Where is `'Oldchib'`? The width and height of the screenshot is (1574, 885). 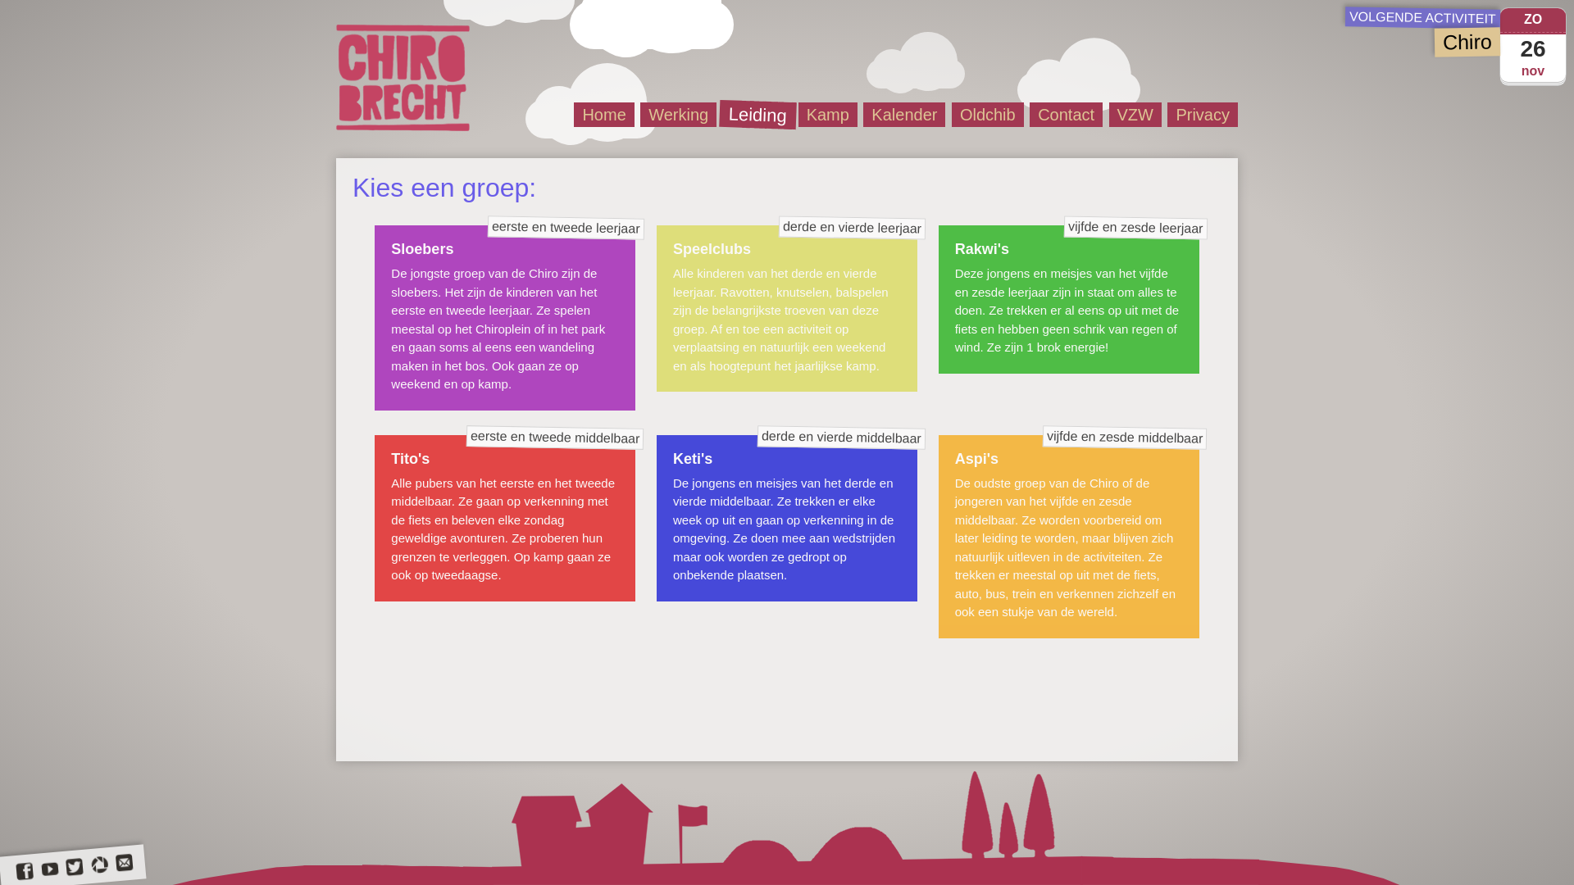 'Oldchib' is located at coordinates (986, 113).